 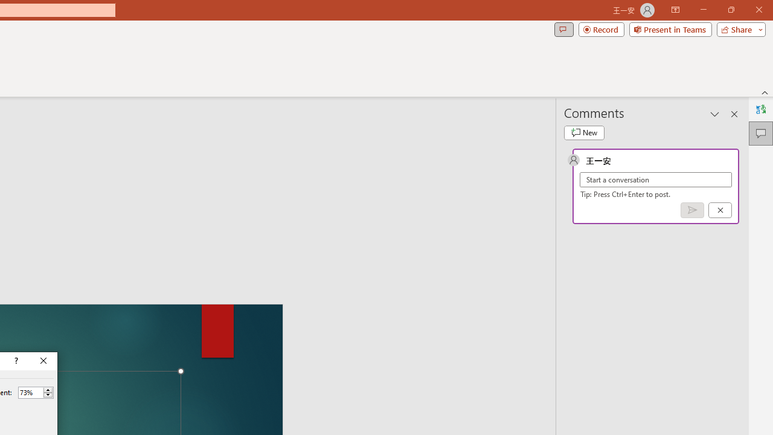 What do you see at coordinates (30, 392) in the screenshot?
I see `'Percent'` at bounding box center [30, 392].